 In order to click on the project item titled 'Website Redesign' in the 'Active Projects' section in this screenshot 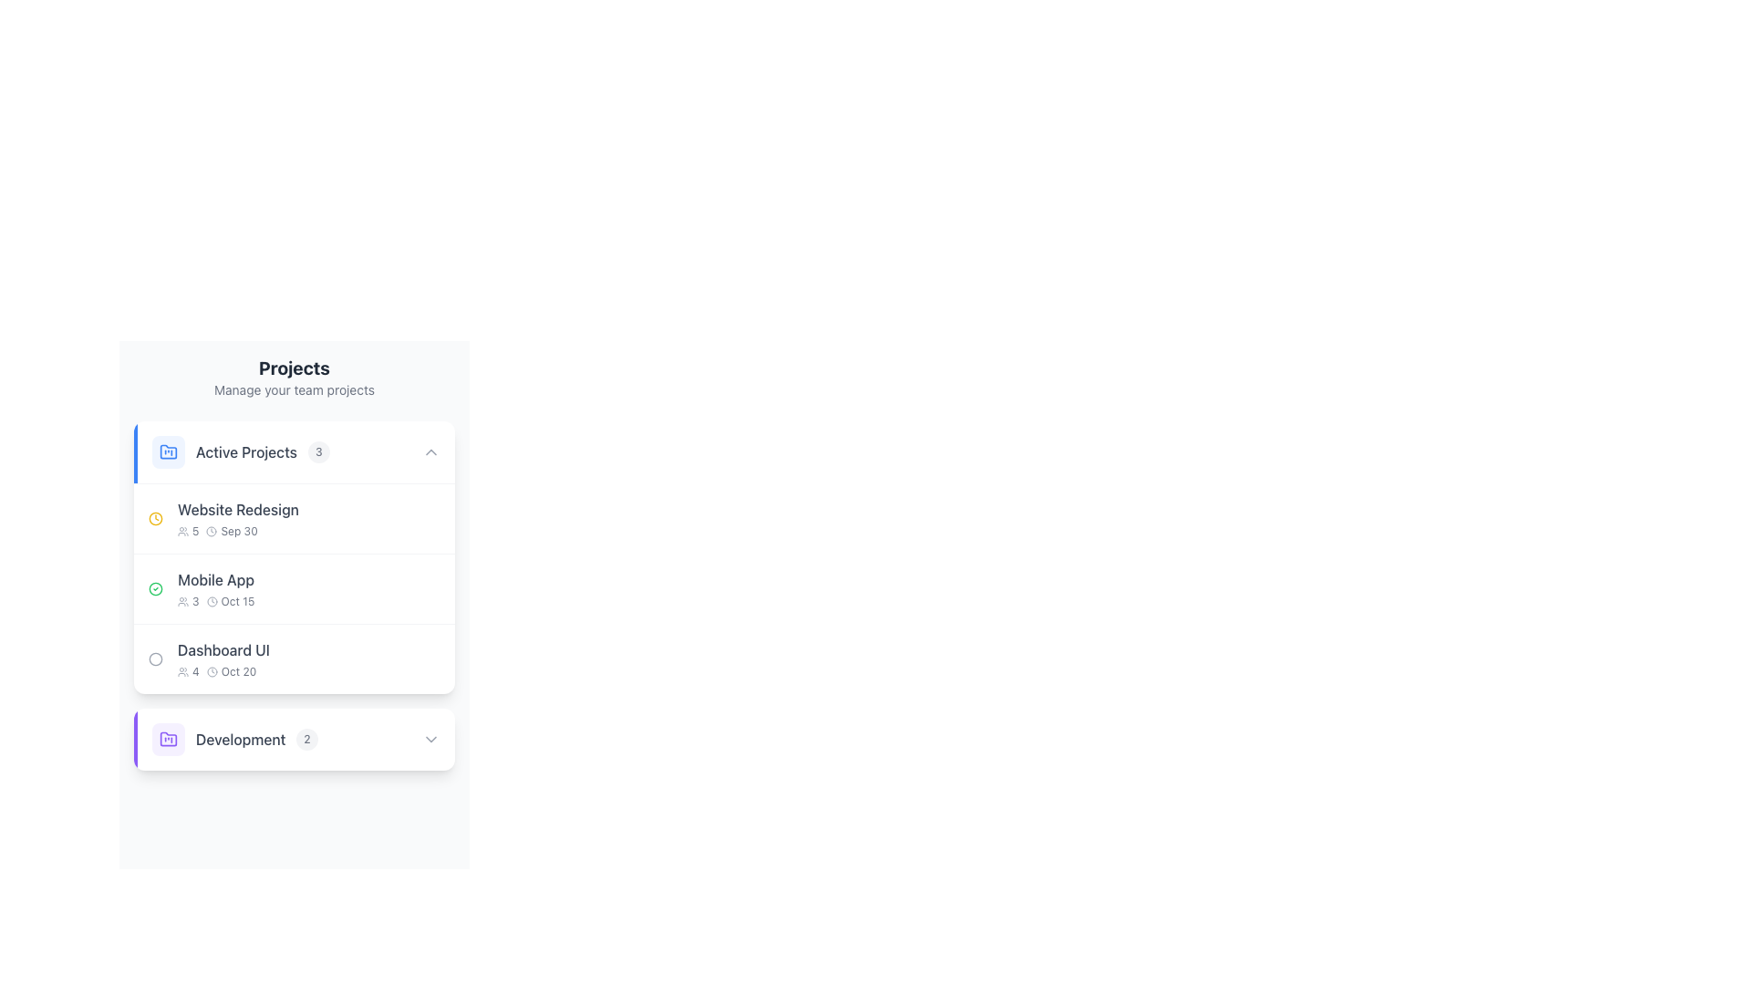, I will do `click(294, 517)`.